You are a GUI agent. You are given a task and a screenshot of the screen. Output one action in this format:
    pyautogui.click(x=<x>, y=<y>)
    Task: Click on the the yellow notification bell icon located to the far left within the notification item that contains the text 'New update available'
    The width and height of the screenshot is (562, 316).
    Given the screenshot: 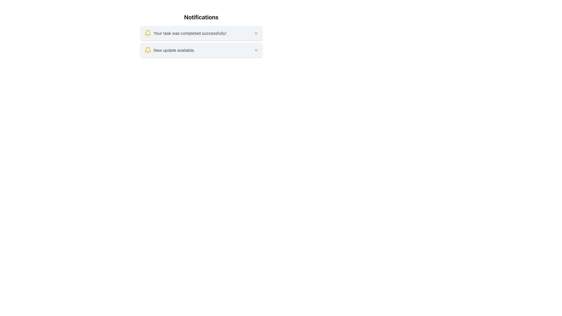 What is the action you would take?
    pyautogui.click(x=148, y=50)
    